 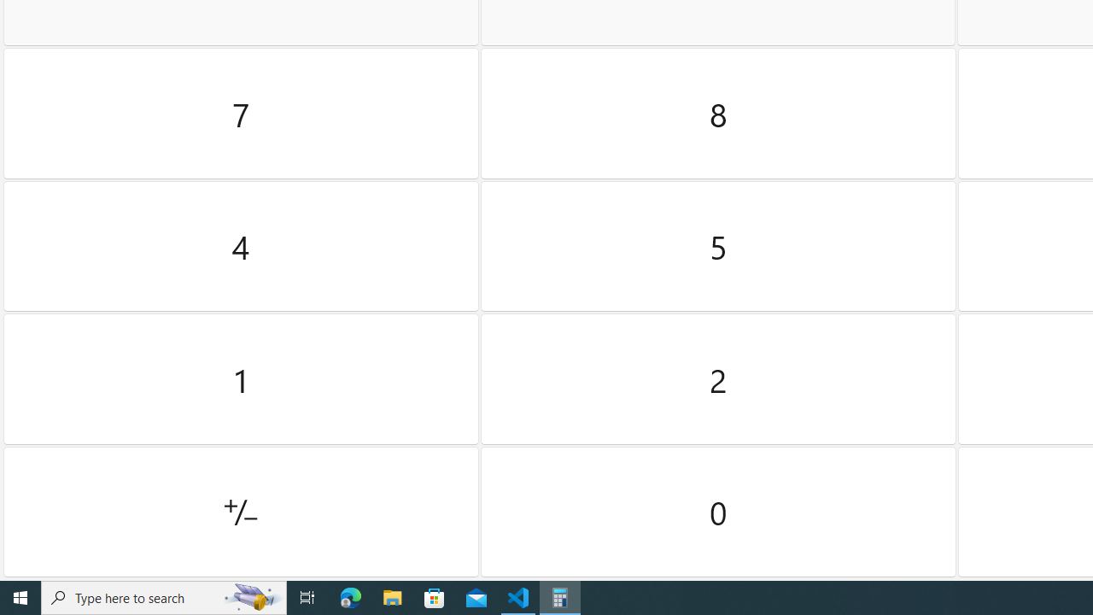 I want to click on 'Calculator - 1 running window', so click(x=560, y=596).